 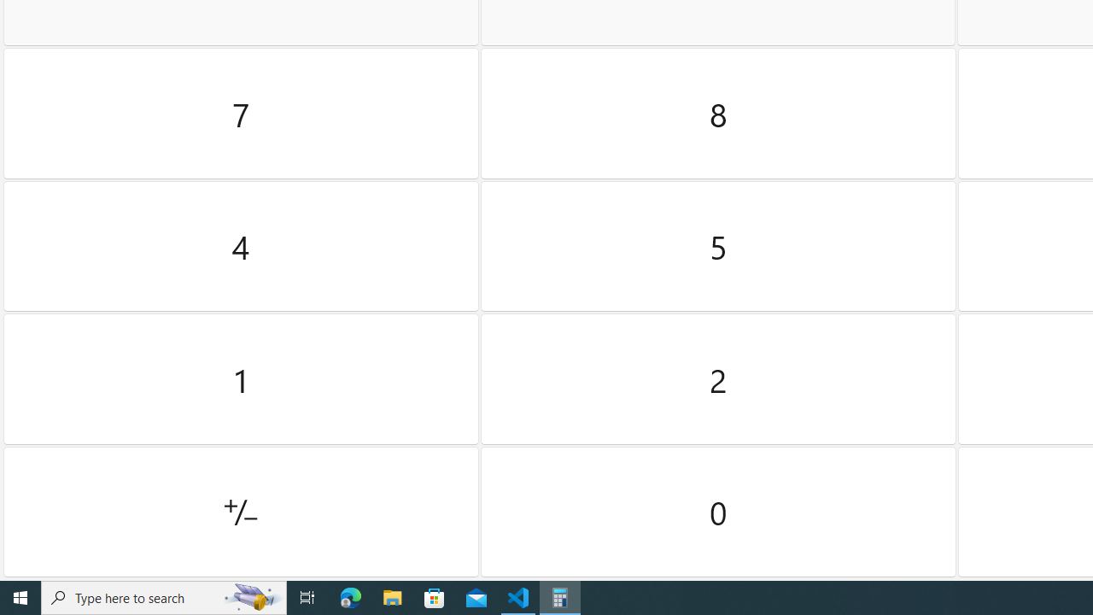 I want to click on 'Calculator - 1 running window', so click(x=560, y=596).